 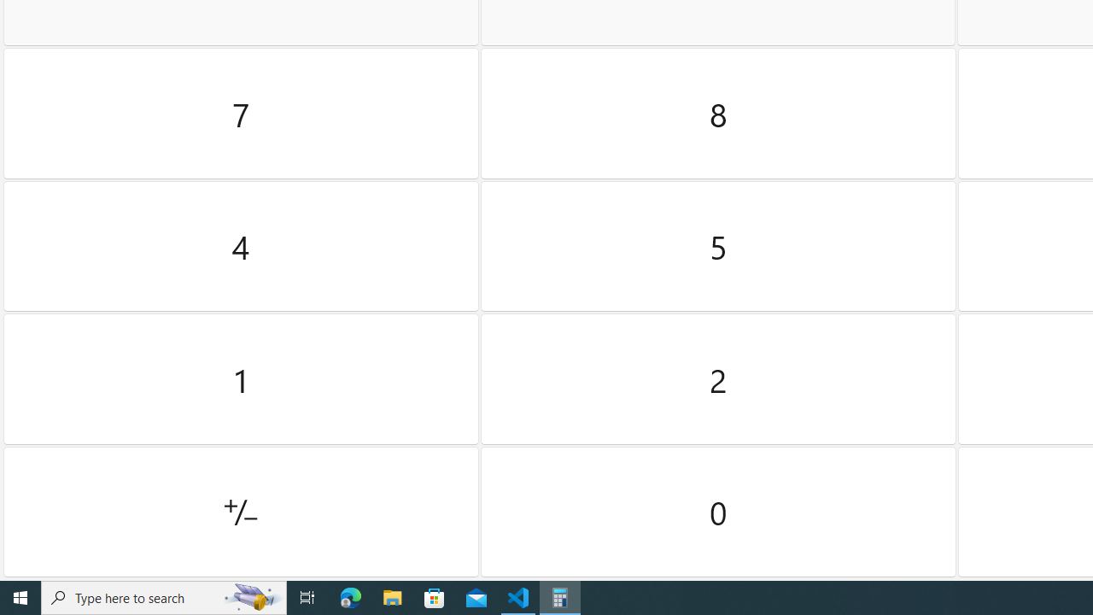 I want to click on 'Calculator - 1 running window', so click(x=560, y=596).